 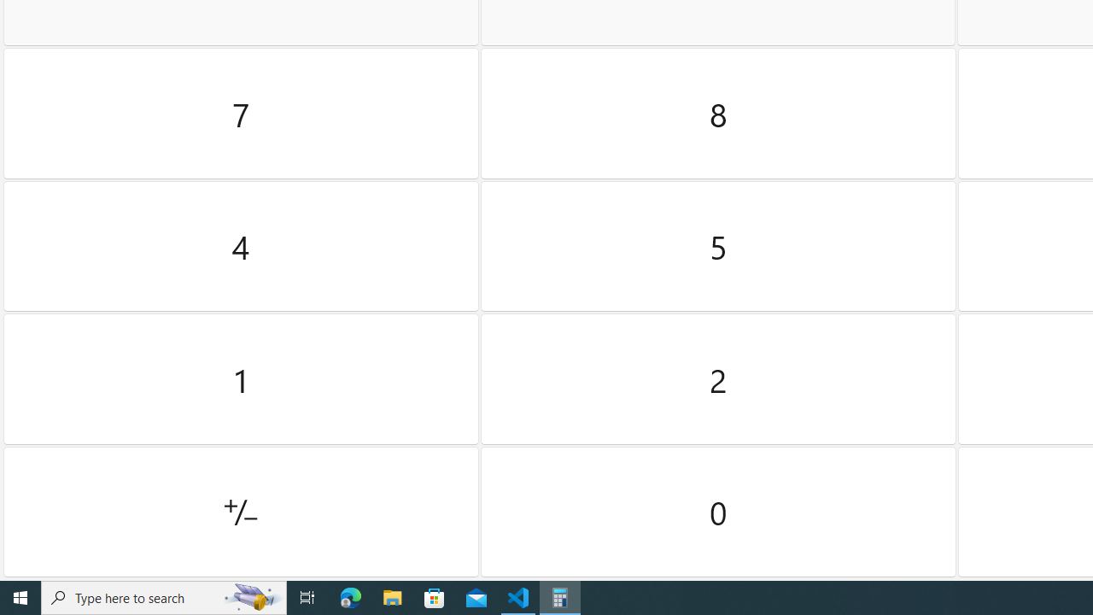 I want to click on 'Calculator - 1 running window', so click(x=560, y=596).